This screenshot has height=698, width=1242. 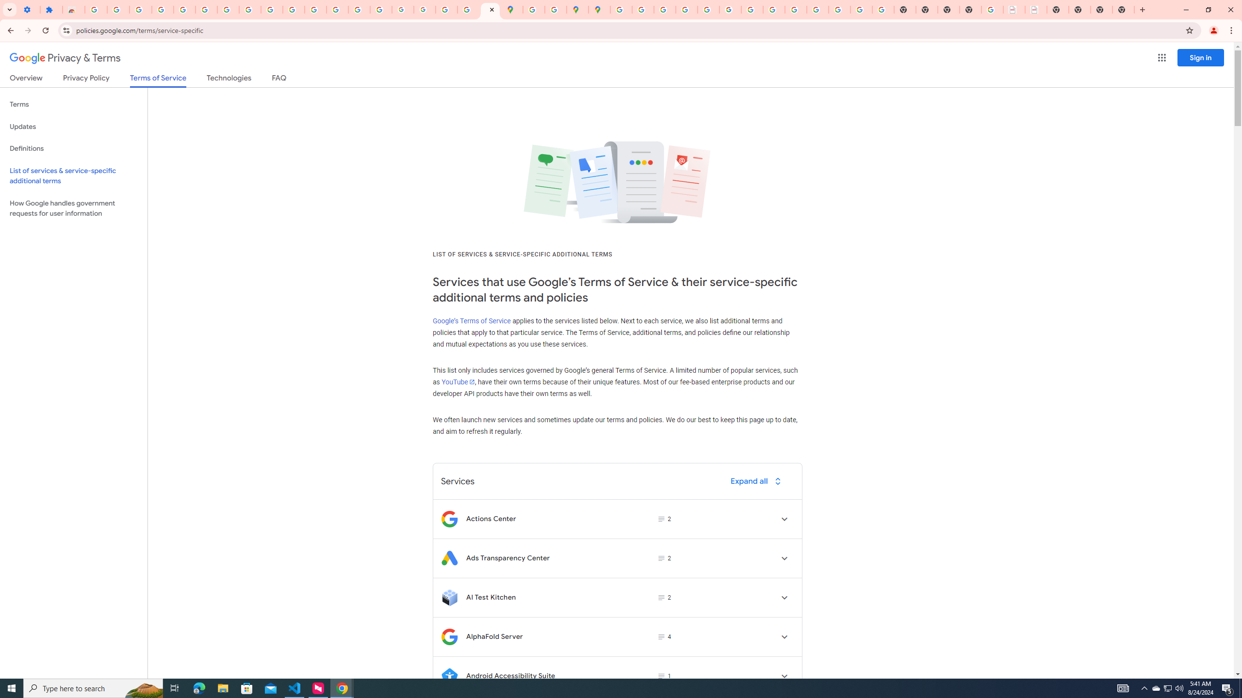 I want to click on 'Google Maps', so click(x=512, y=9).